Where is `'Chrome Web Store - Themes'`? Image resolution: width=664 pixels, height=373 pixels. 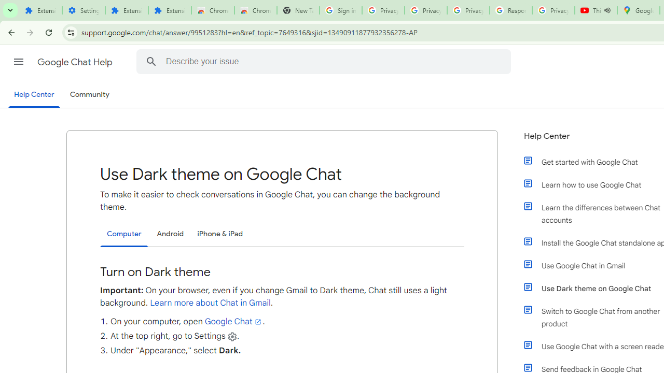
'Chrome Web Store - Themes' is located at coordinates (255, 10).